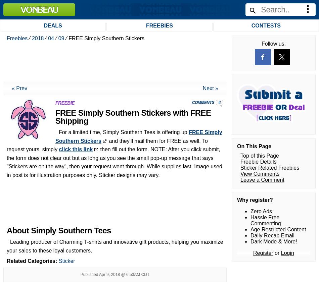 The image size is (319, 285). Describe the element at coordinates (55, 166) in the screenshot. I see `'Order your free kit, complete with stickers to use at your workplace to raise funds and awareness for Alzheimer's disease.'` at that location.